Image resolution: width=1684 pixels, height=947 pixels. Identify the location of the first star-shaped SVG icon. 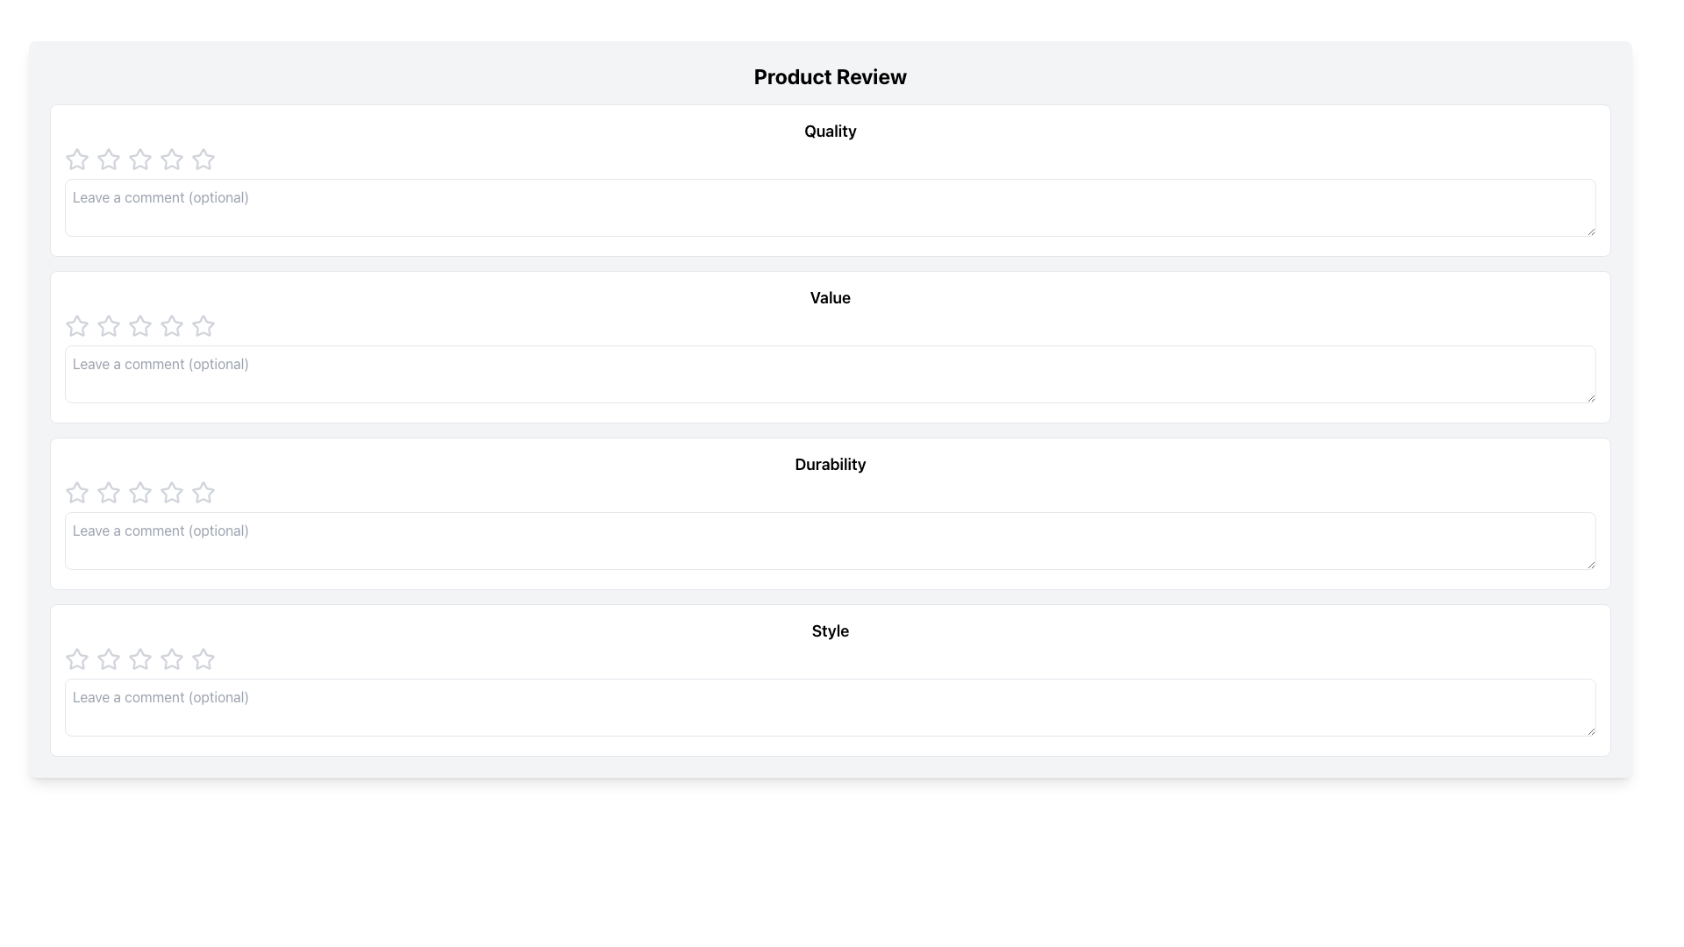
(75, 659).